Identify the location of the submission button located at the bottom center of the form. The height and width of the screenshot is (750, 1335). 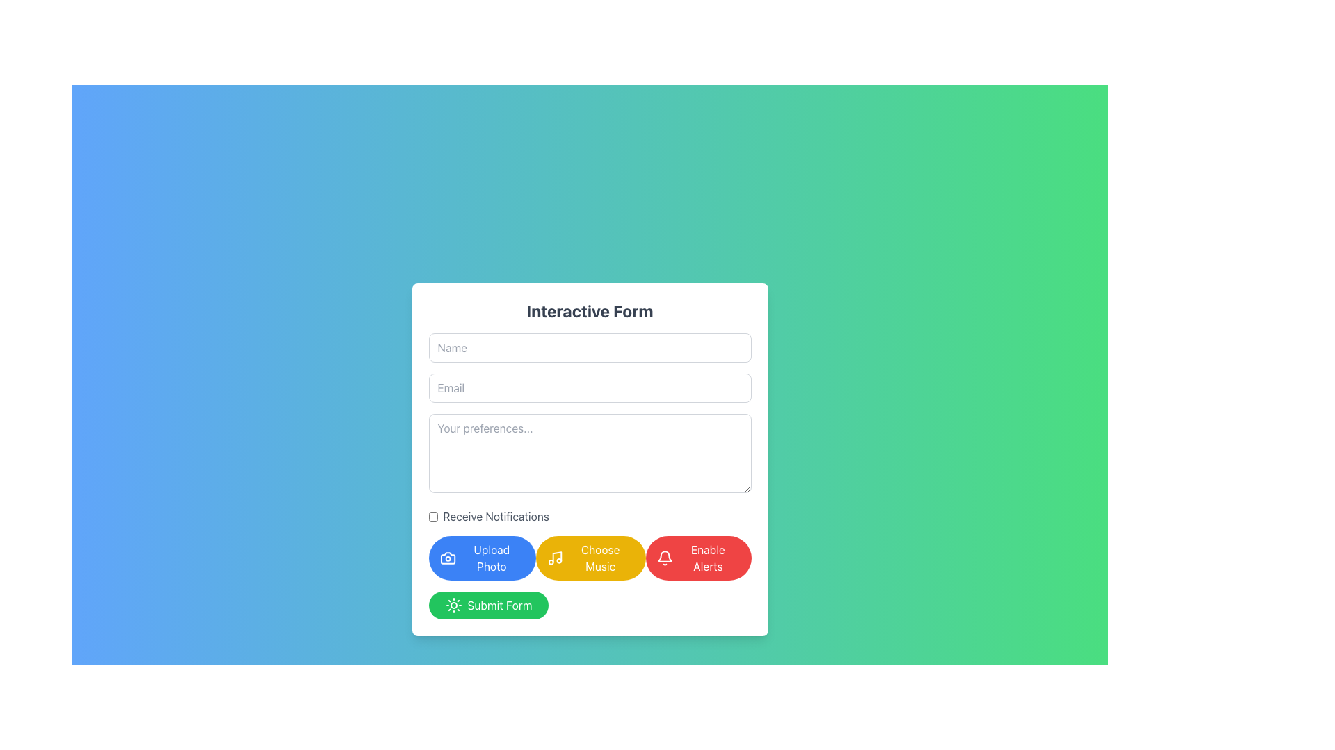
(488, 604).